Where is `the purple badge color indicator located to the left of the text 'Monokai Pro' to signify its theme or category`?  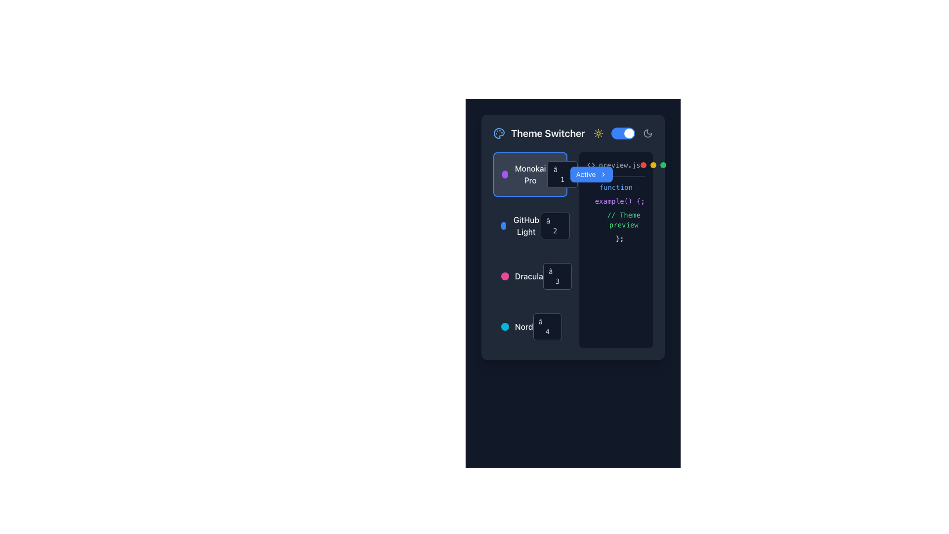
the purple badge color indicator located to the left of the text 'Monokai Pro' to signify its theme or category is located at coordinates (505, 174).